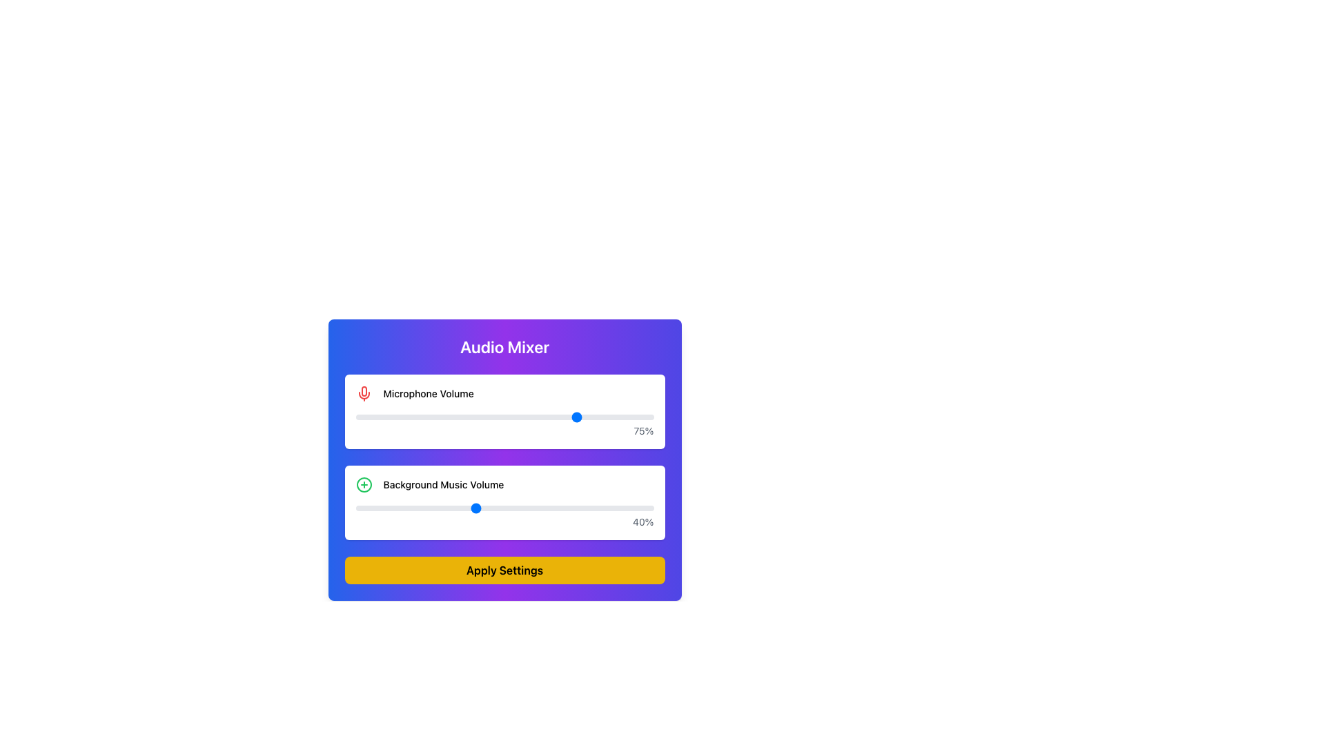  Describe the element at coordinates (364, 393) in the screenshot. I see `the red circular microphone icon located to the left of the 'Microphone Volume' text label` at that location.